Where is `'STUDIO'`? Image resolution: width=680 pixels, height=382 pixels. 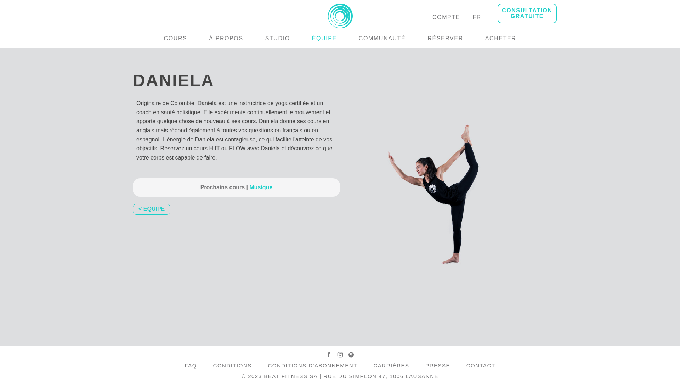
'STUDIO' is located at coordinates (277, 38).